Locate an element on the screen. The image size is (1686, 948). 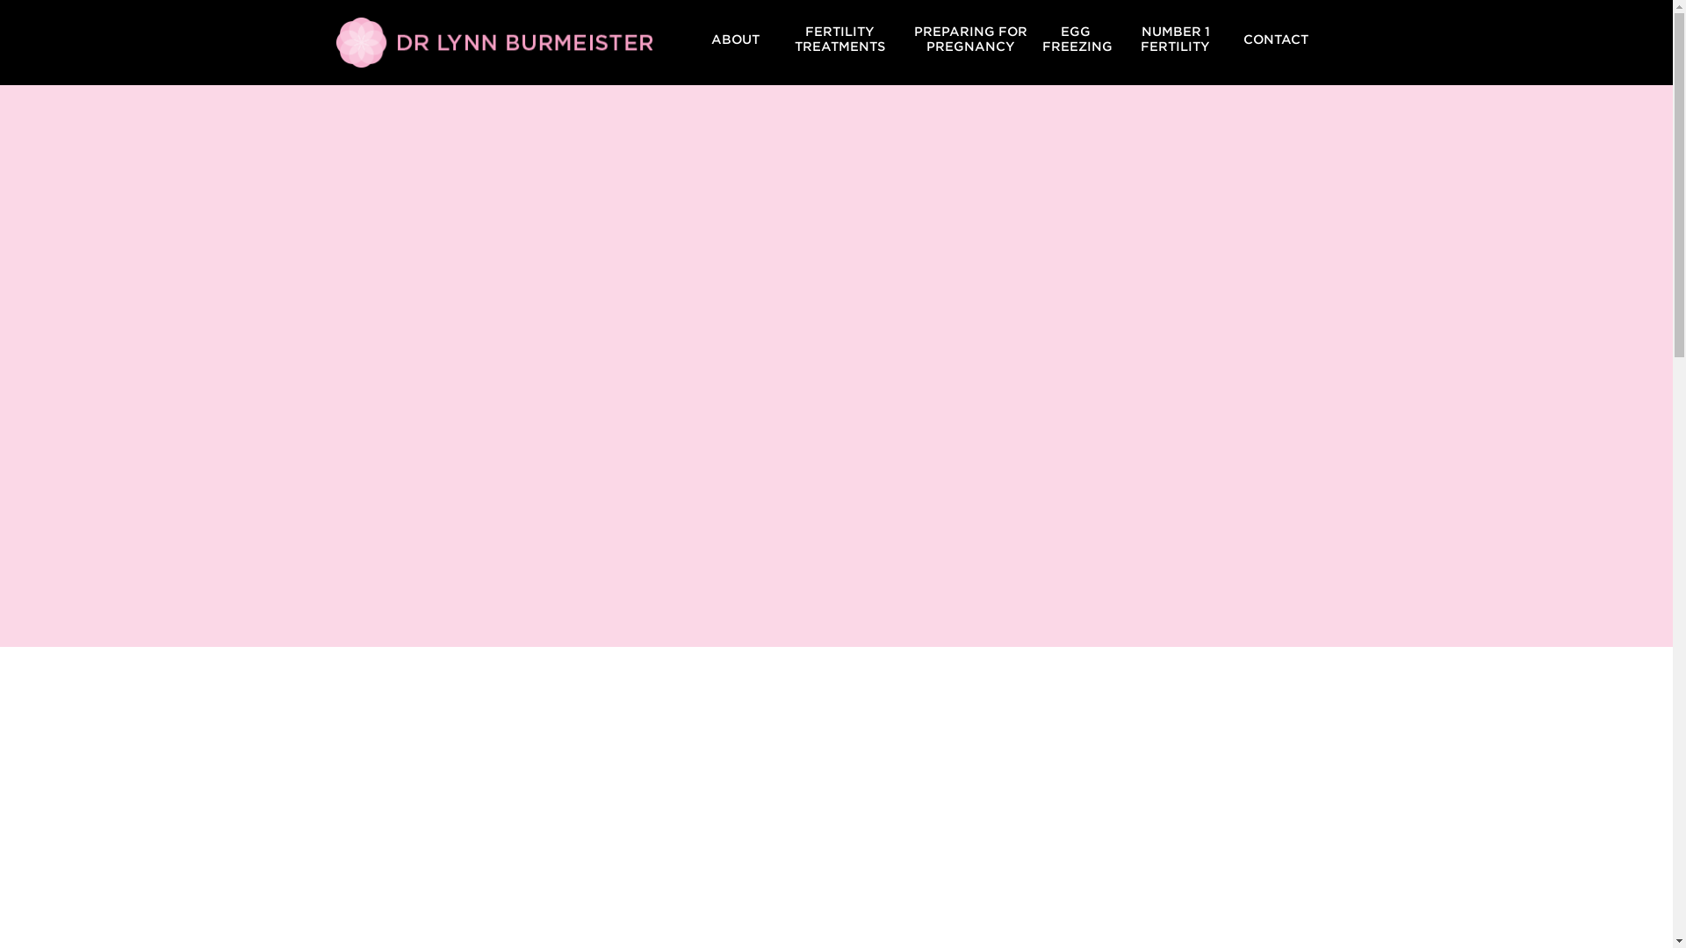
'FERTILITY TREATMENTS' is located at coordinates (839, 39).